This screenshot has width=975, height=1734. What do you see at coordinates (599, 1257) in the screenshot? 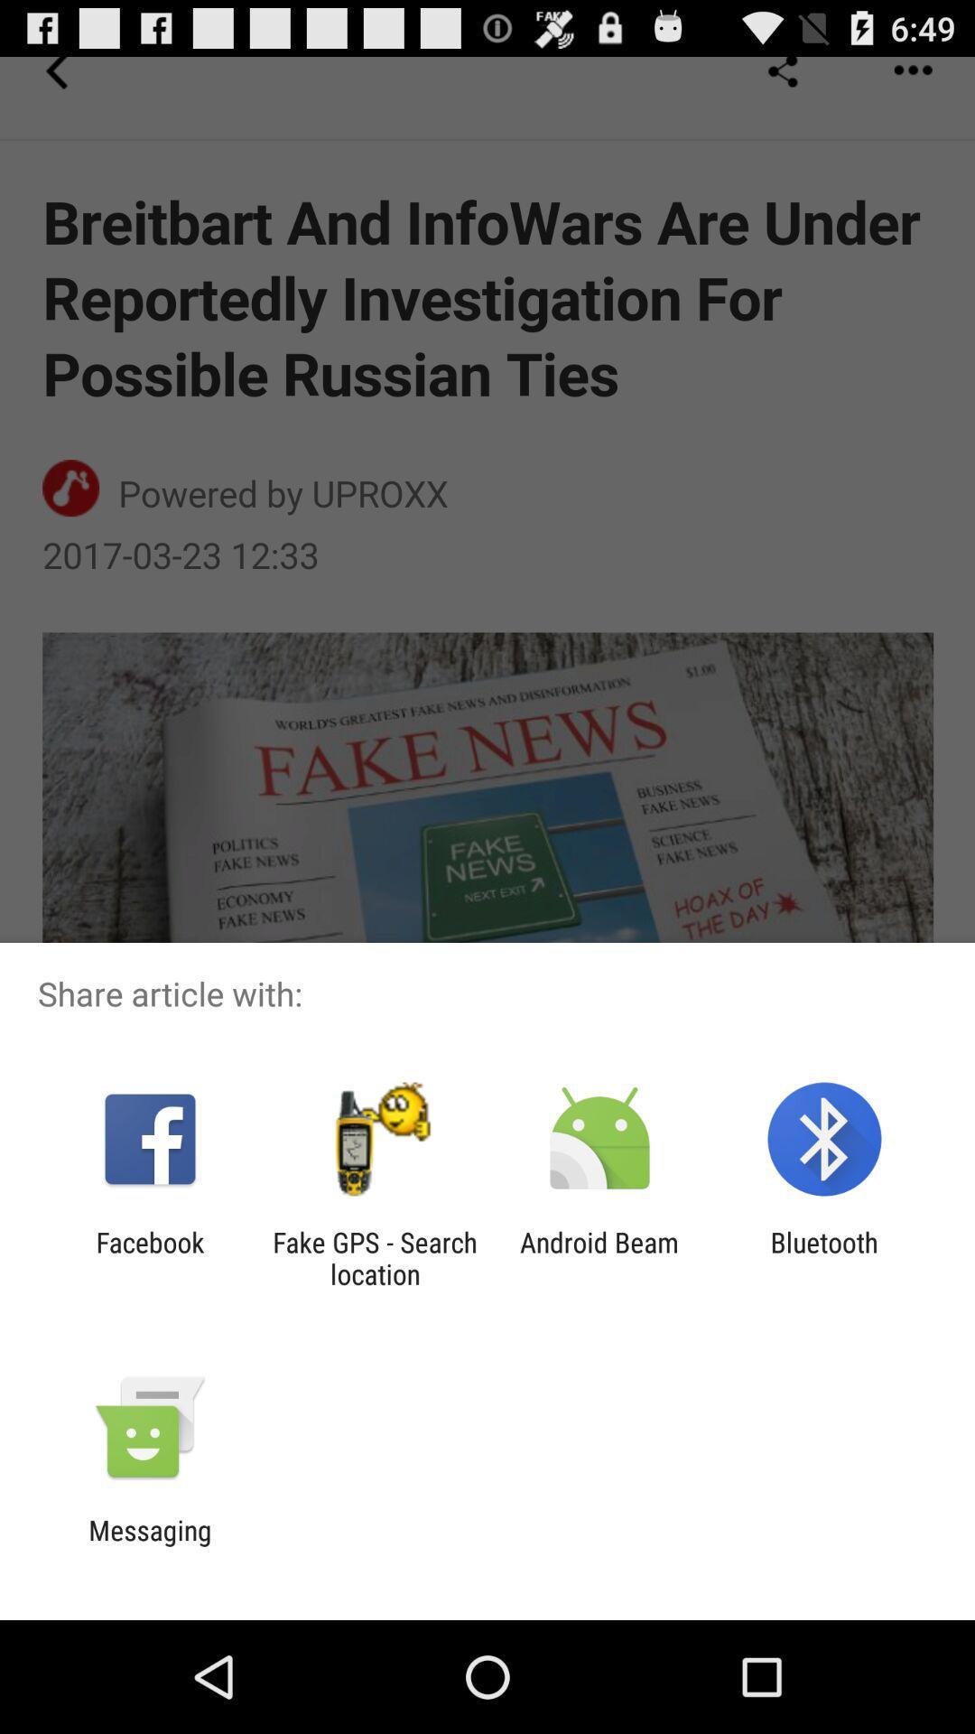
I see `icon to the left of the bluetooth app` at bounding box center [599, 1257].